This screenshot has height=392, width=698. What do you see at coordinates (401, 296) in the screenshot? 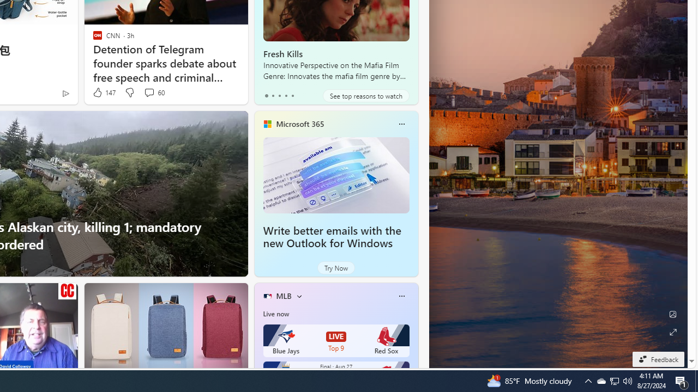
I see `'Class: icon-img'` at bounding box center [401, 296].